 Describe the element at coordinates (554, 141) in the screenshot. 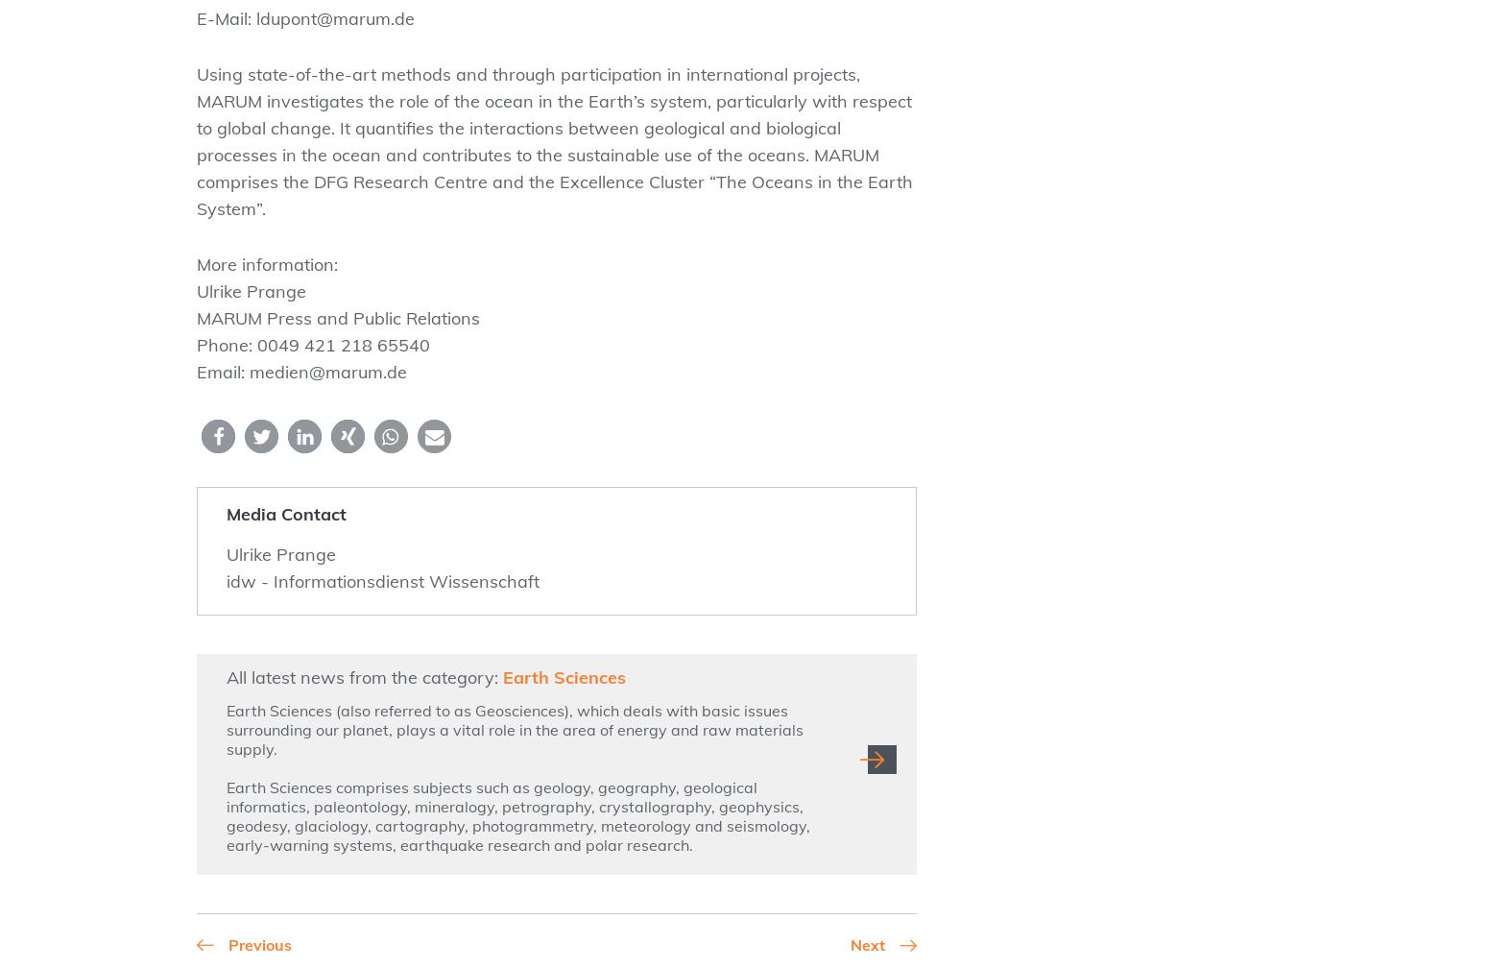

I see `'Using state-of-the-art methods and through participation in international projects, MARUM investigates the role of the ocean in the Earth’s system, particularly with respect to global change. It quantifies the interactions between geological and biological processes in the ocean and contributes to the sustainable use of the oceans. MARUM comprises the DFG Research Centre and the Excellence Cluster “The Oceans in the Earth System”.'` at that location.